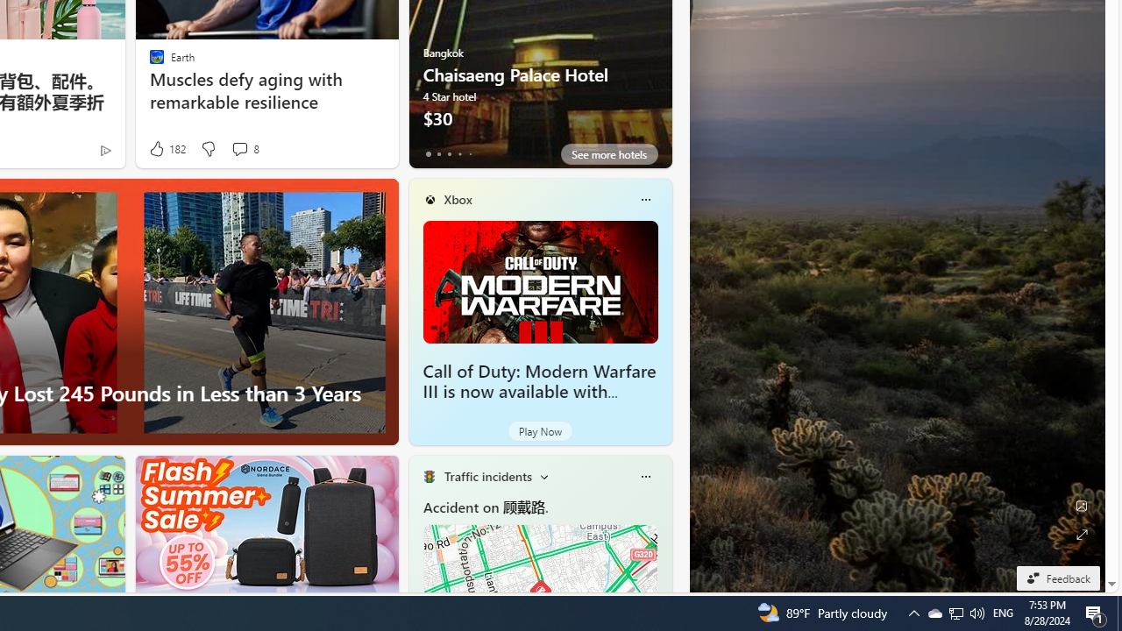  What do you see at coordinates (1056, 578) in the screenshot?
I see `'Feedback'` at bounding box center [1056, 578].